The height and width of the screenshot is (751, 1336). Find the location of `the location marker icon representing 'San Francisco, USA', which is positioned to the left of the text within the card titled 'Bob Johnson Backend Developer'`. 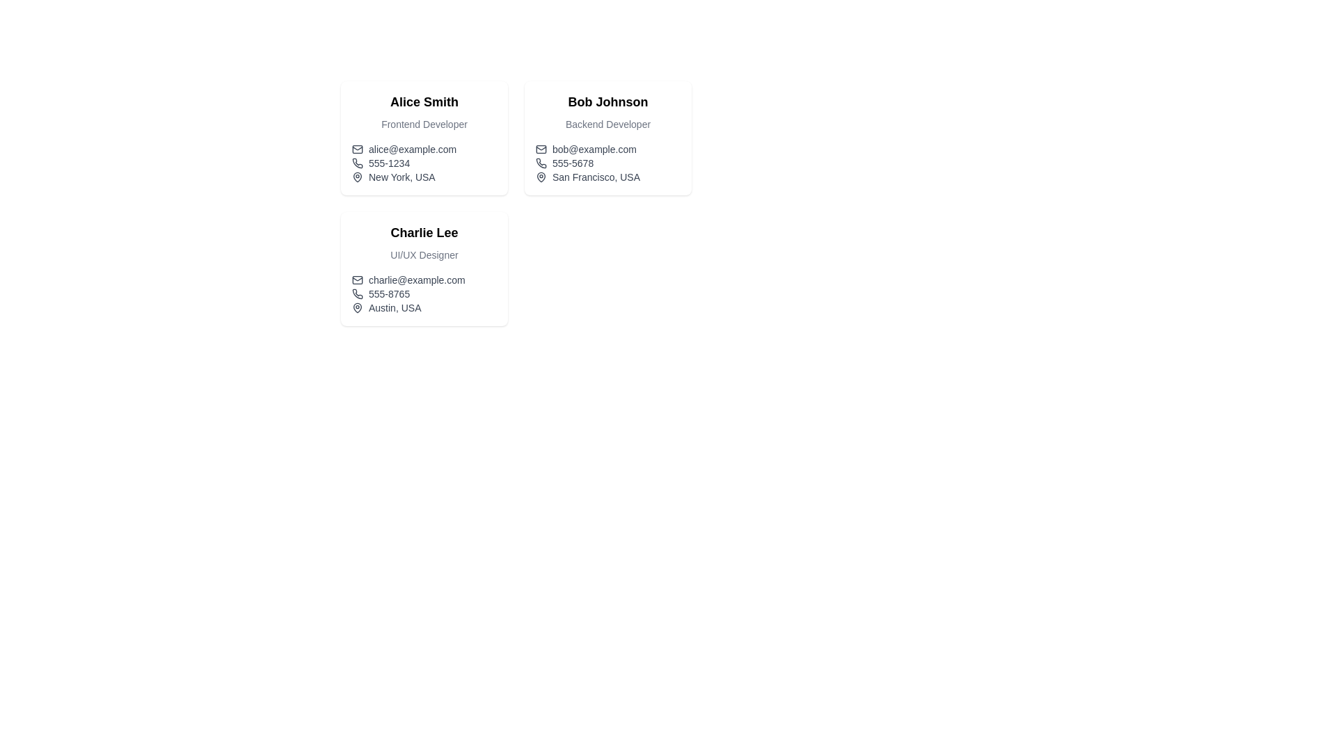

the location marker icon representing 'San Francisco, USA', which is positioned to the left of the text within the card titled 'Bob Johnson Backend Developer' is located at coordinates (540, 176).